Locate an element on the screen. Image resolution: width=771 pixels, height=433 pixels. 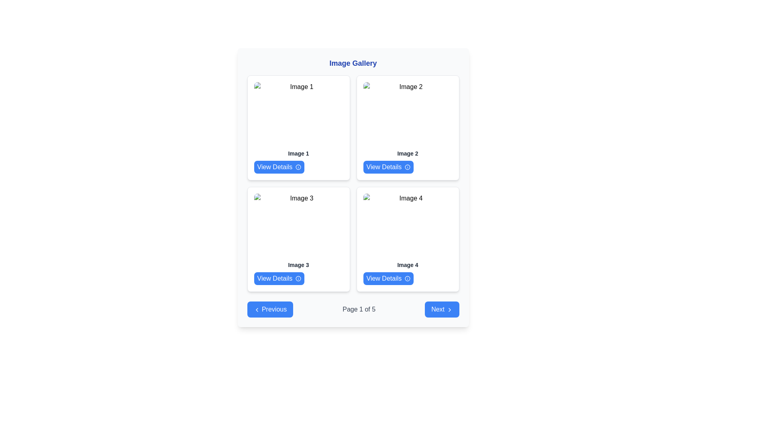
the label displaying 'Image 1' in bold black font, located beneath the image placeholder in the top-left card of a 2x2 grid layout is located at coordinates (298, 153).